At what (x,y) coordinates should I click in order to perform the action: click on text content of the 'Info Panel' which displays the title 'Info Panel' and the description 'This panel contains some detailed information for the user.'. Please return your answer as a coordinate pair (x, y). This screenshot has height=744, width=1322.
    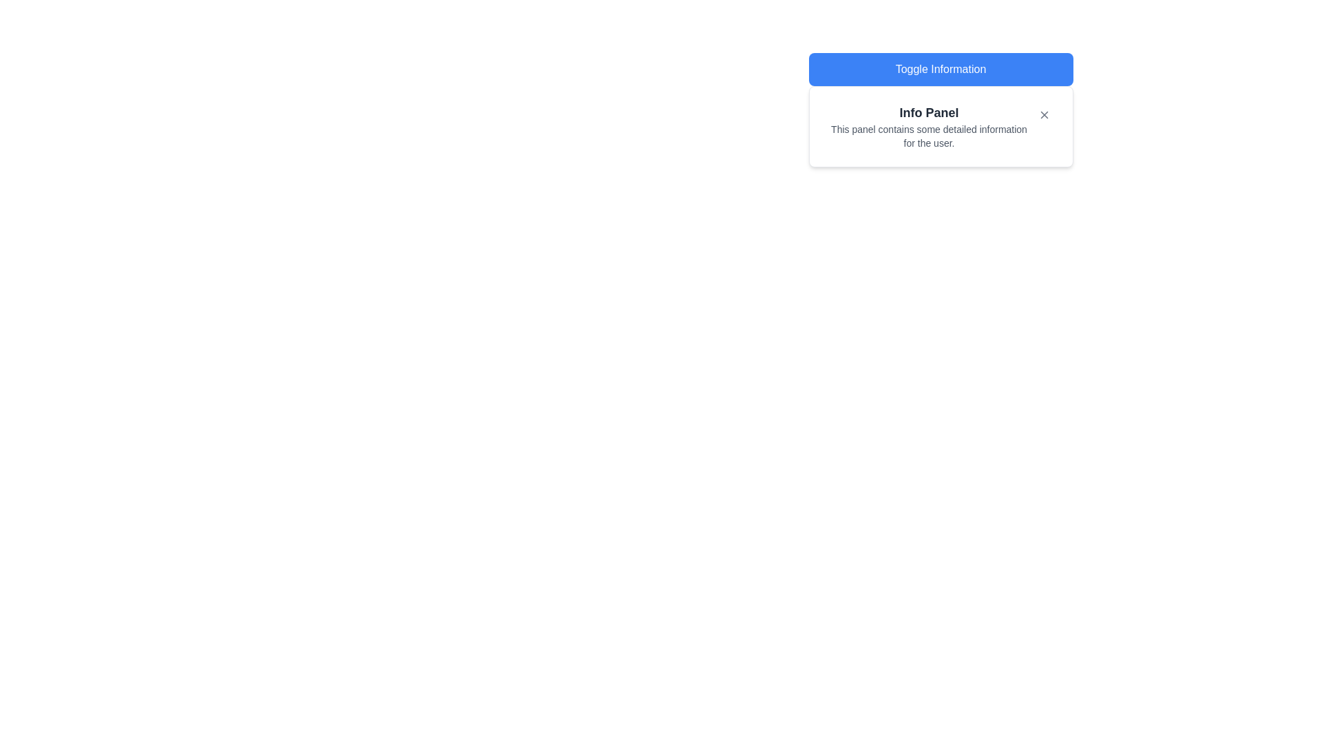
    Looking at the image, I should click on (929, 127).